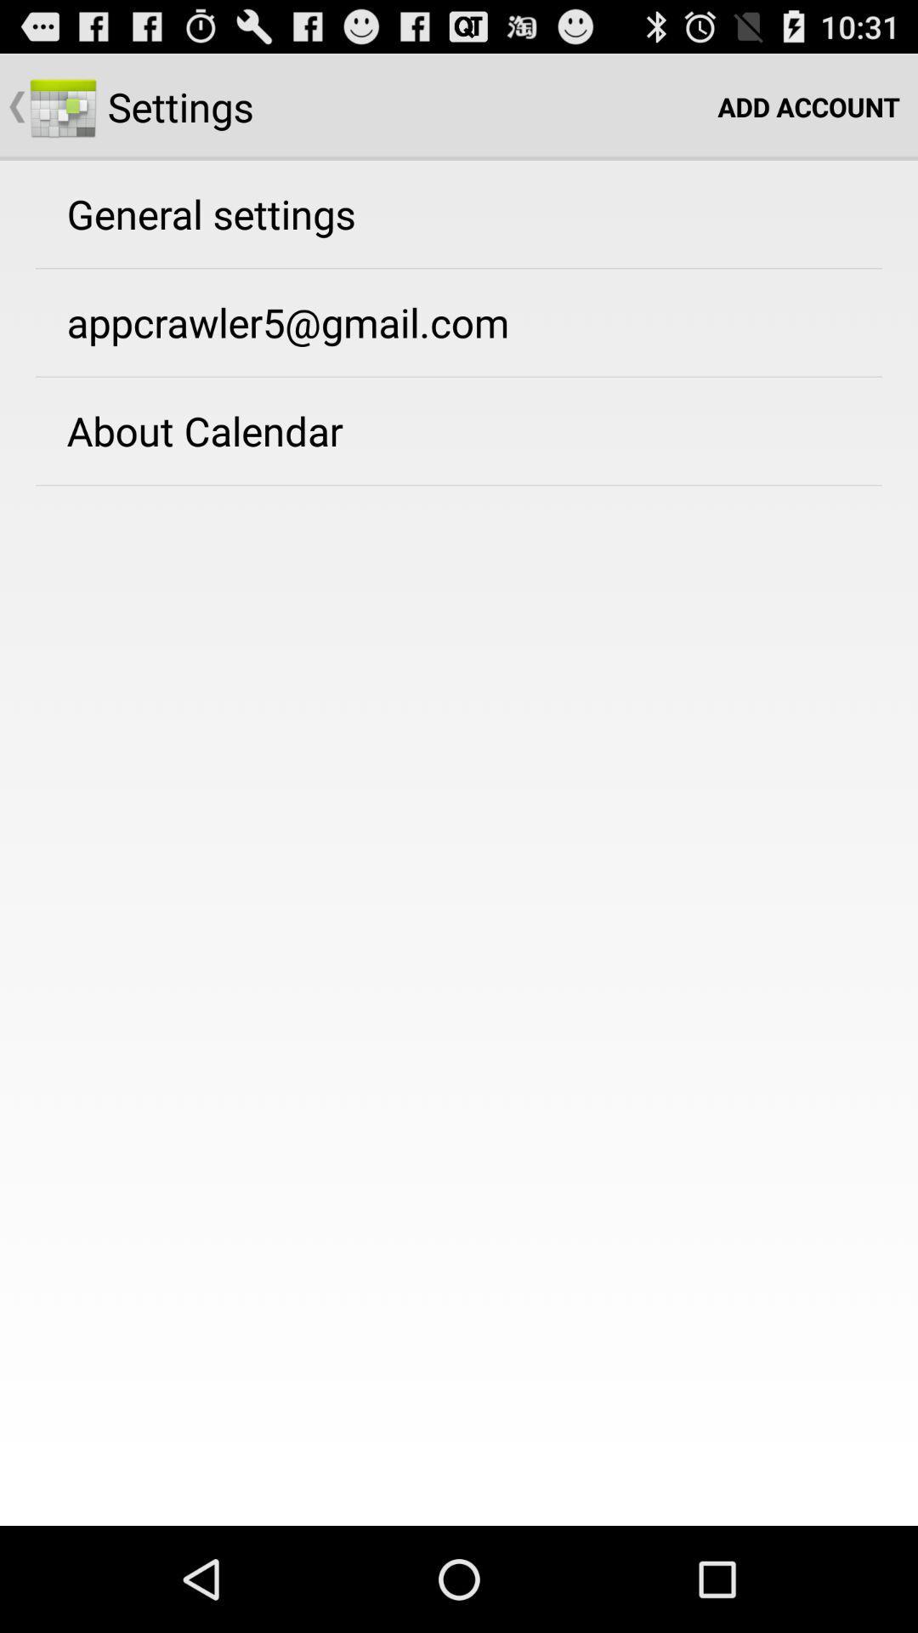 The width and height of the screenshot is (918, 1633). What do you see at coordinates (204, 430) in the screenshot?
I see `about calendar app` at bounding box center [204, 430].